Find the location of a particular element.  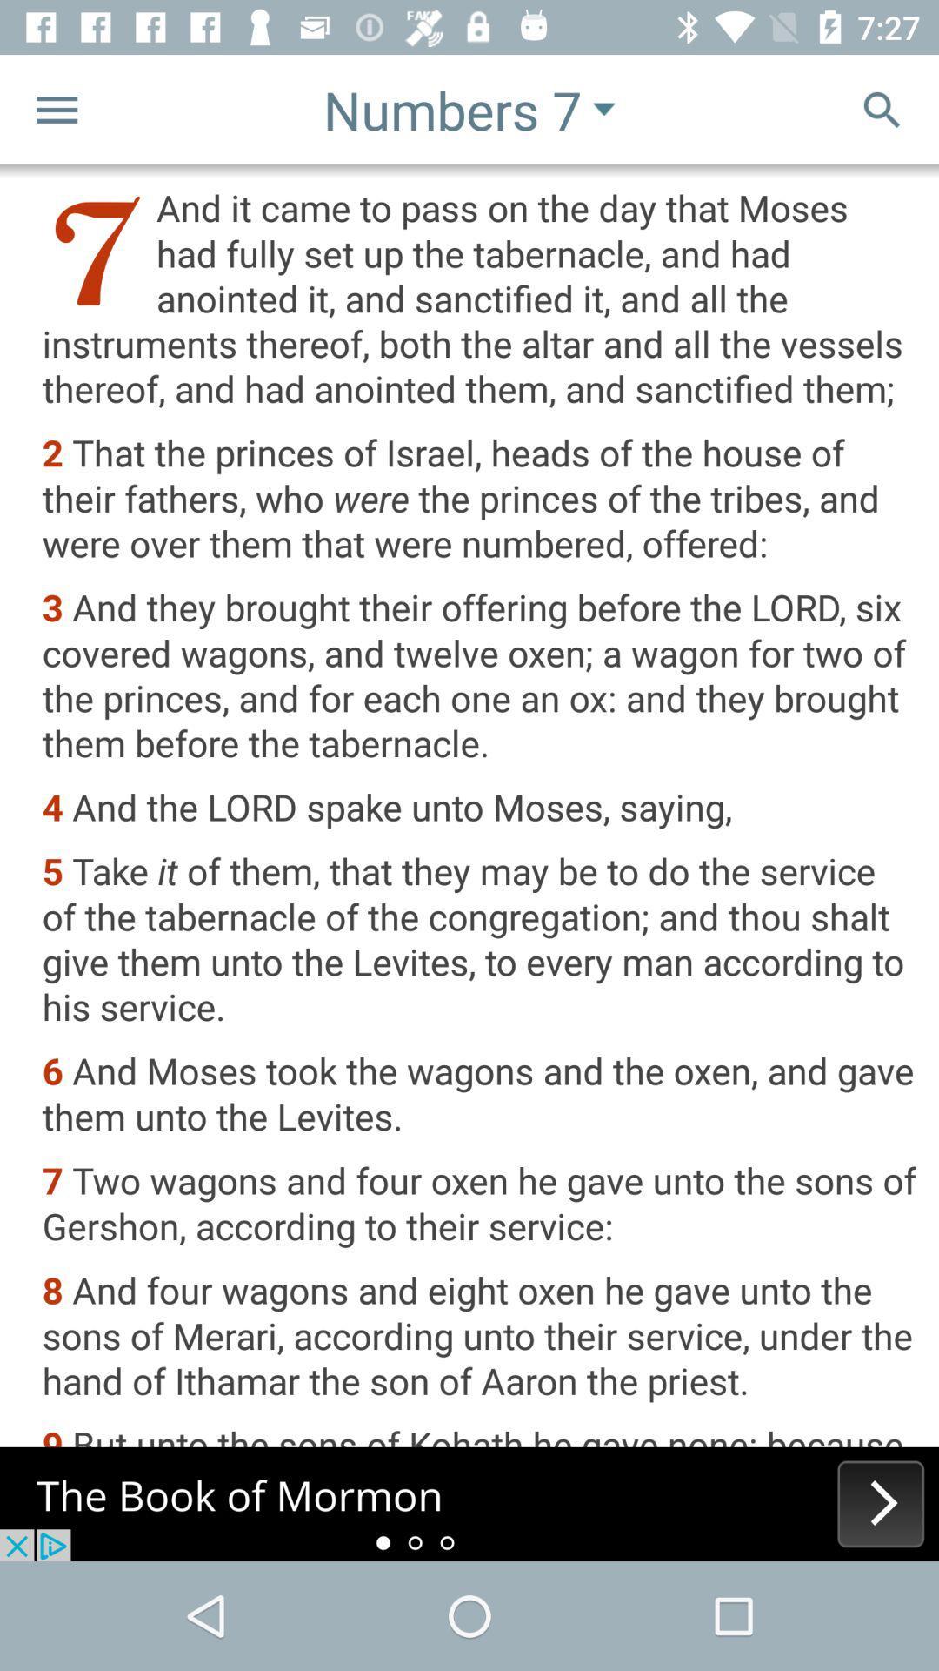

search bar is located at coordinates (882, 108).